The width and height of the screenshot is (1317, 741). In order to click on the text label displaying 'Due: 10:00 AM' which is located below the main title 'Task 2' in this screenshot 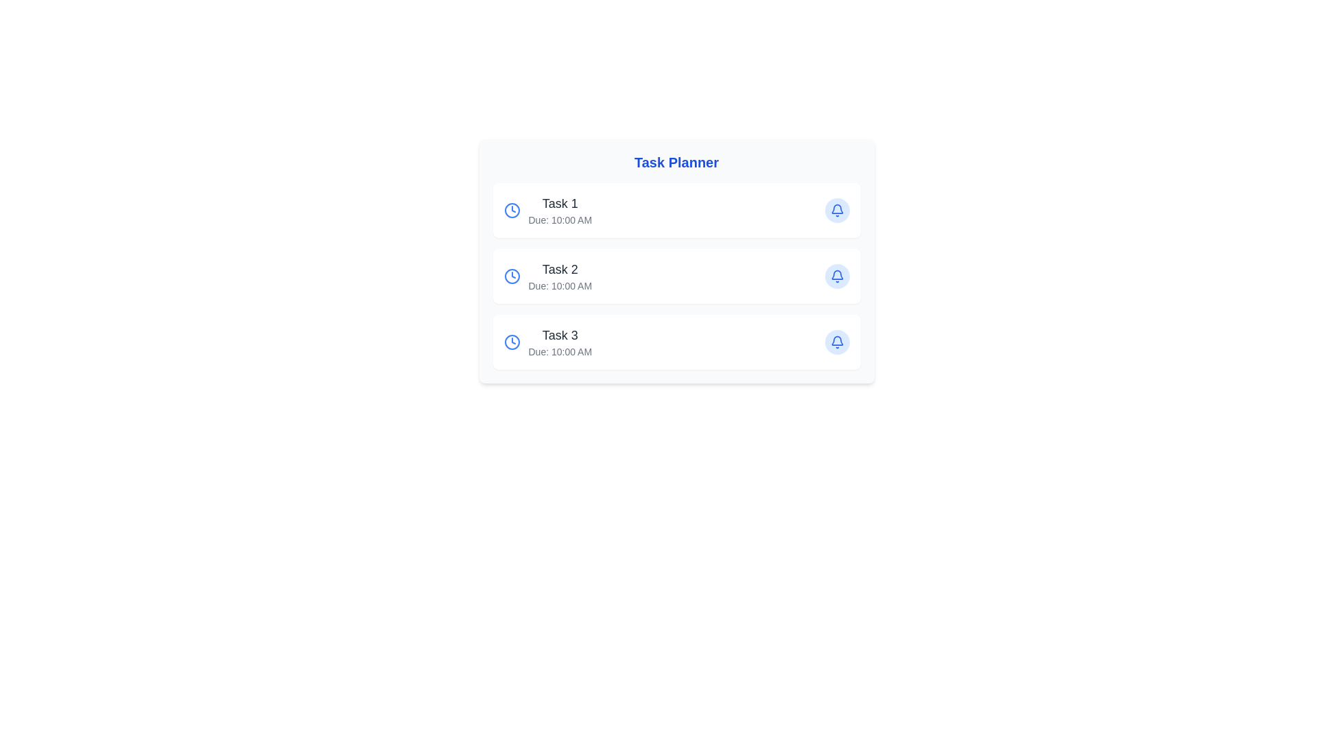, I will do `click(560, 285)`.